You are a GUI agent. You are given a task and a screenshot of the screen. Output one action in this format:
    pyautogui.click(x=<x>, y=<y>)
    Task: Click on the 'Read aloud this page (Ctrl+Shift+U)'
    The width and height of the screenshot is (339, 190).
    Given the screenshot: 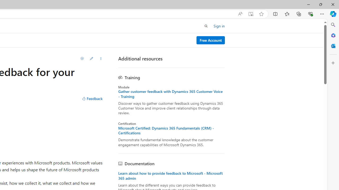 What is the action you would take?
    pyautogui.click(x=240, y=14)
    